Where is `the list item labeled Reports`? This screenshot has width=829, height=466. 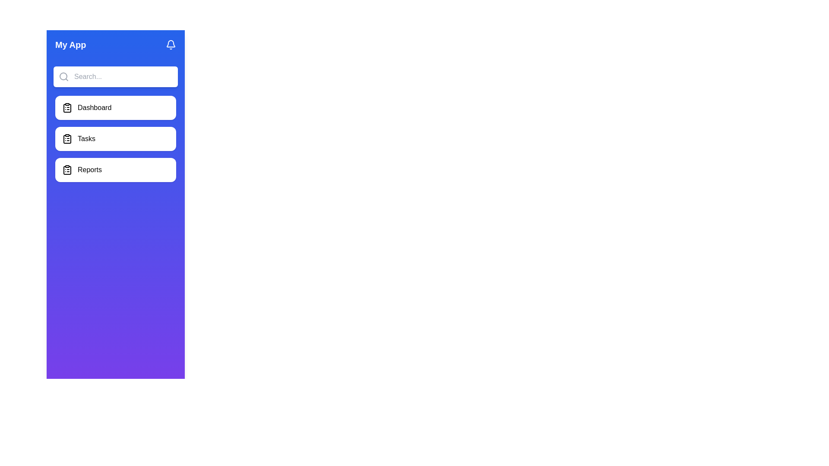
the list item labeled Reports is located at coordinates (115, 170).